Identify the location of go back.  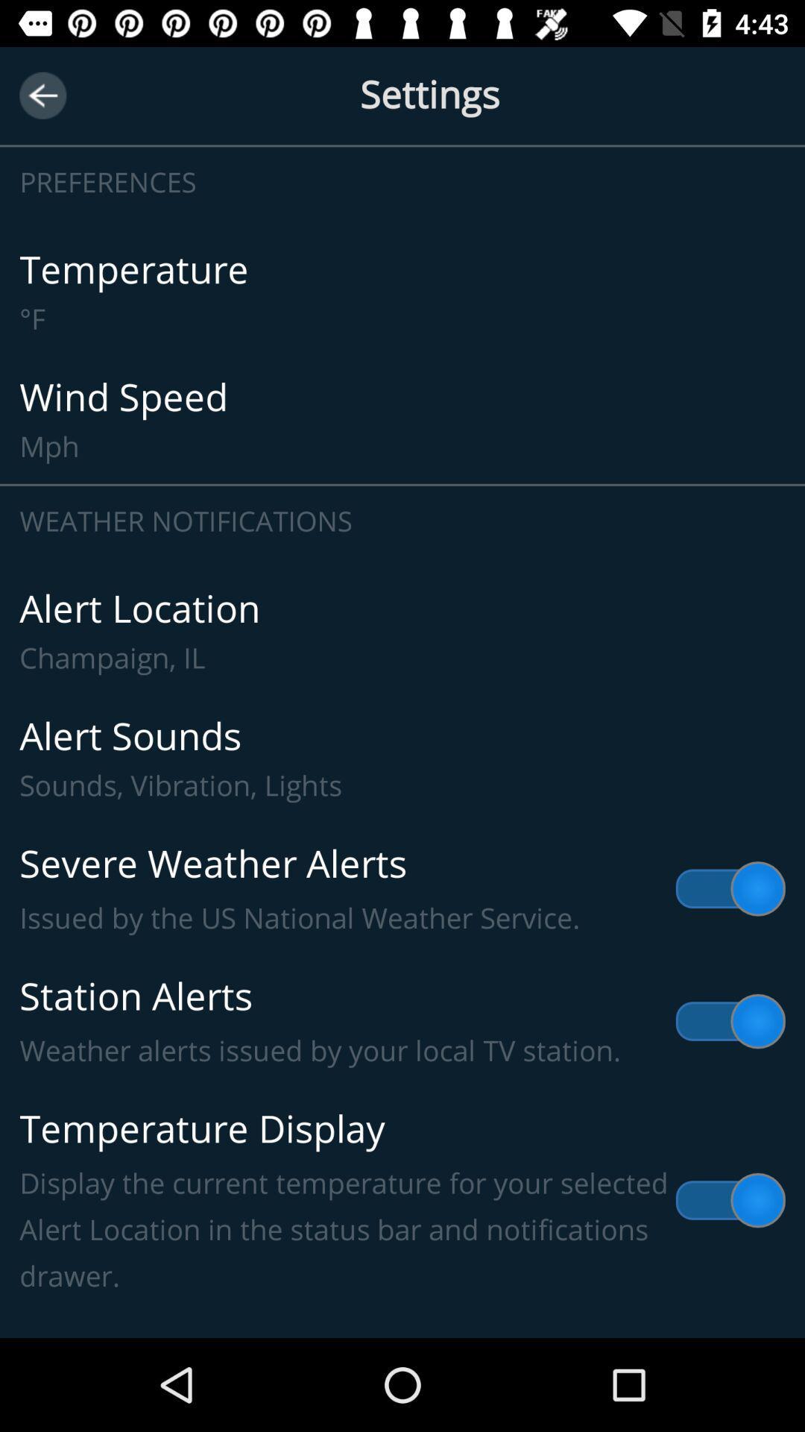
(42, 95).